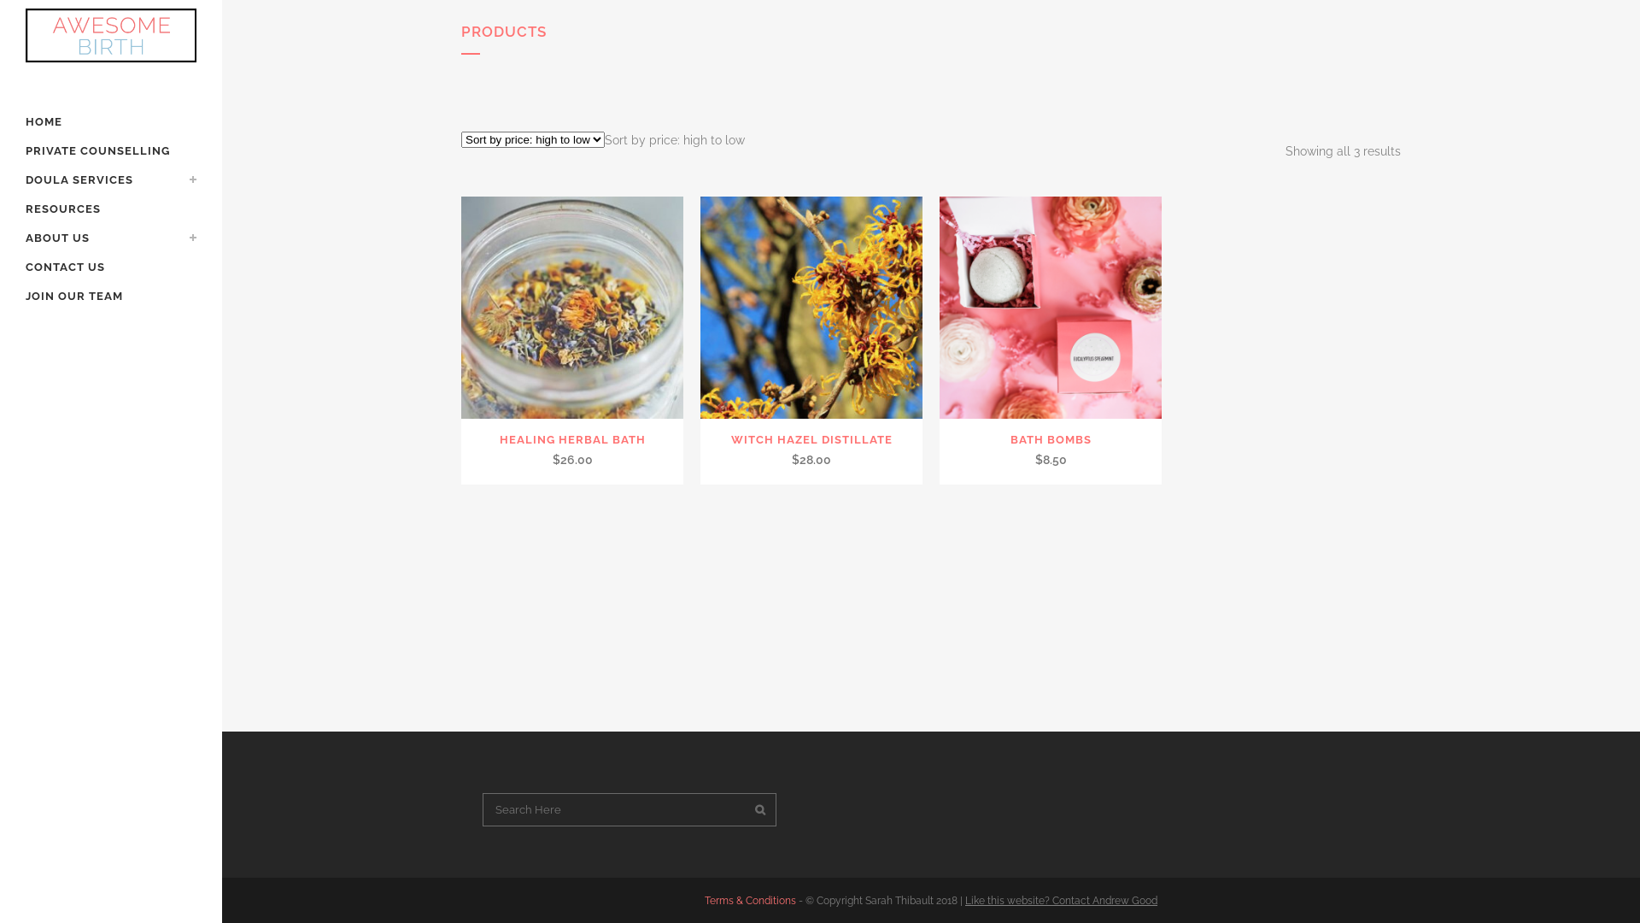 The width and height of the screenshot is (1640, 923). What do you see at coordinates (109, 180) in the screenshot?
I see `'DOULA SERVICES'` at bounding box center [109, 180].